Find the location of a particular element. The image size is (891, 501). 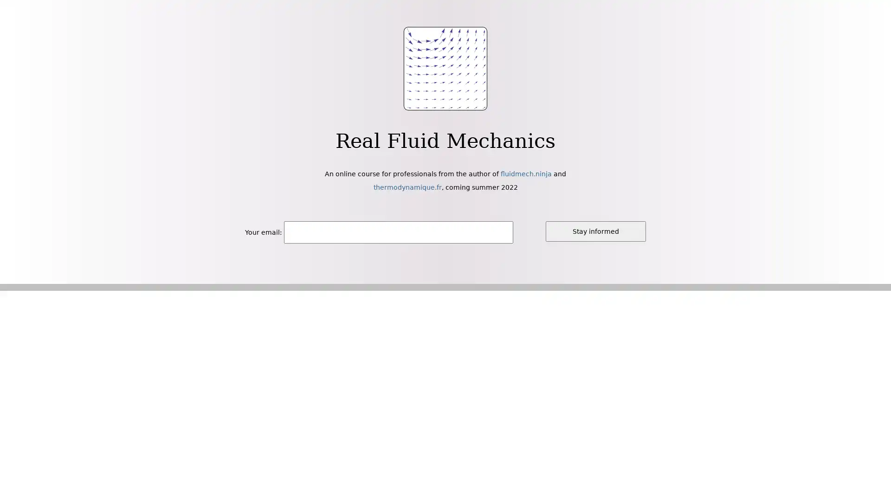

Stay informed is located at coordinates (595, 231).